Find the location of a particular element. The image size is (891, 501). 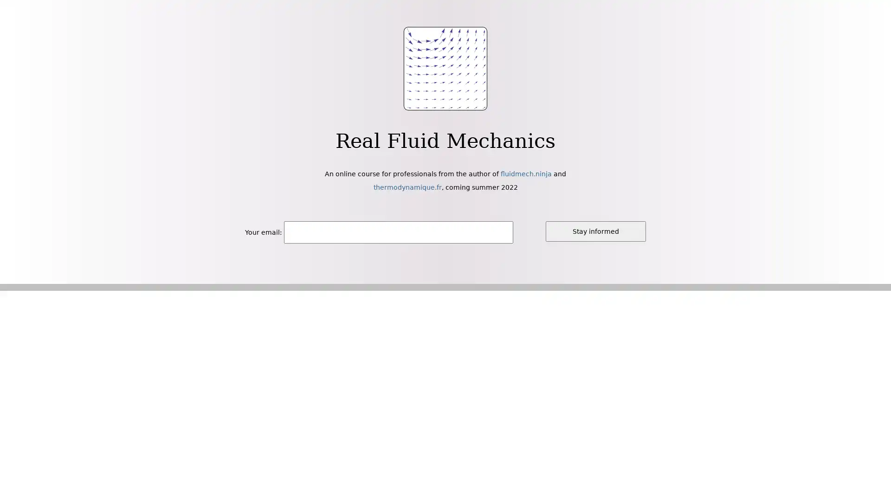

Stay informed is located at coordinates (595, 231).